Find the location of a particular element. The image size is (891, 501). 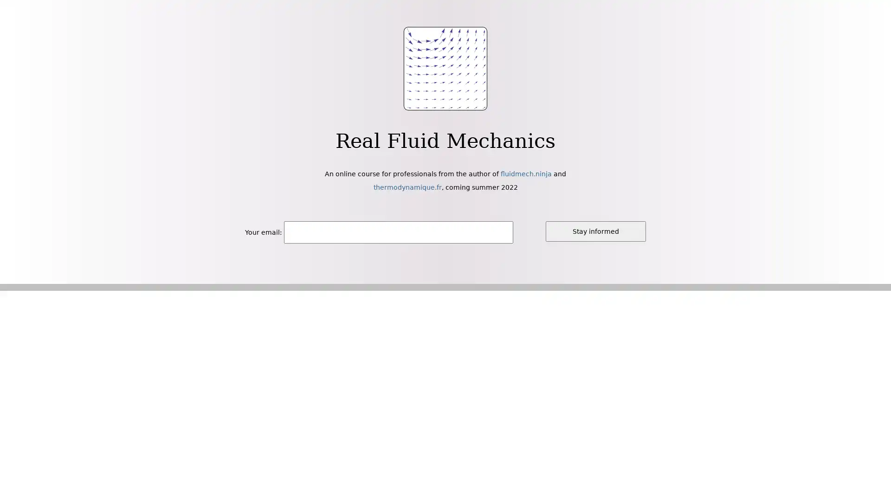

Stay informed is located at coordinates (595, 231).